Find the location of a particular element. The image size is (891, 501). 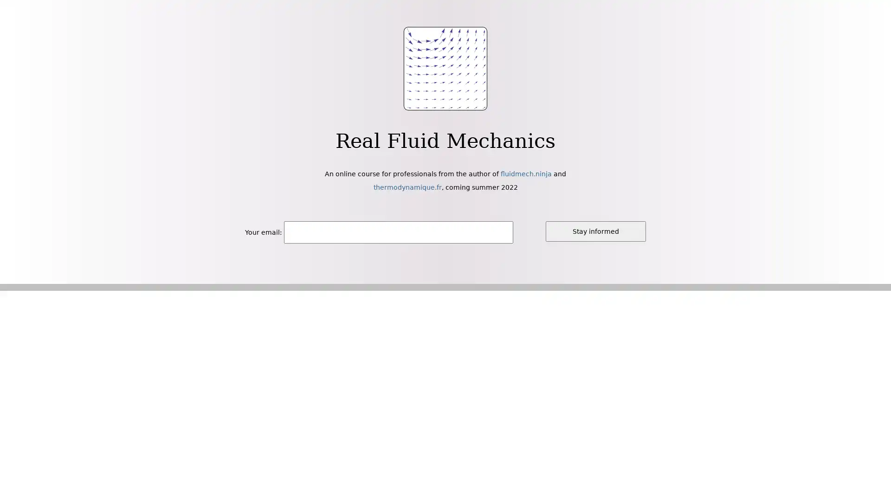

Stay informed is located at coordinates (595, 231).